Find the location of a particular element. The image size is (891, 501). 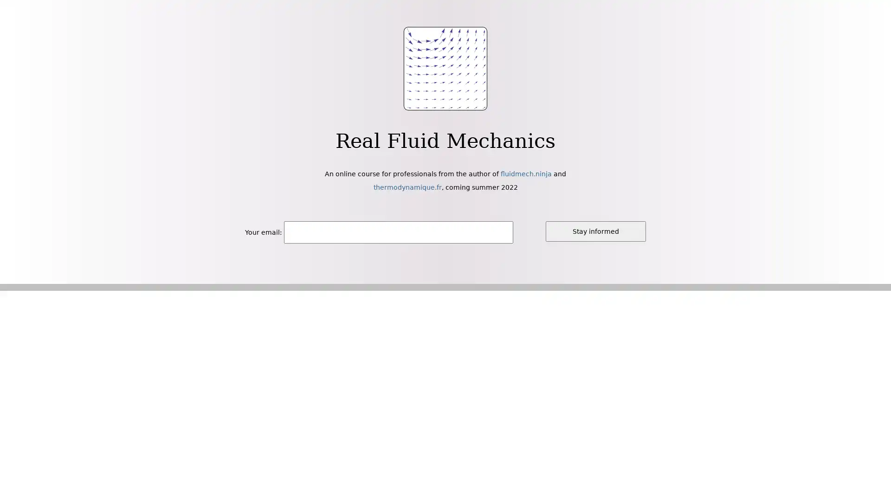

Stay informed is located at coordinates (595, 231).